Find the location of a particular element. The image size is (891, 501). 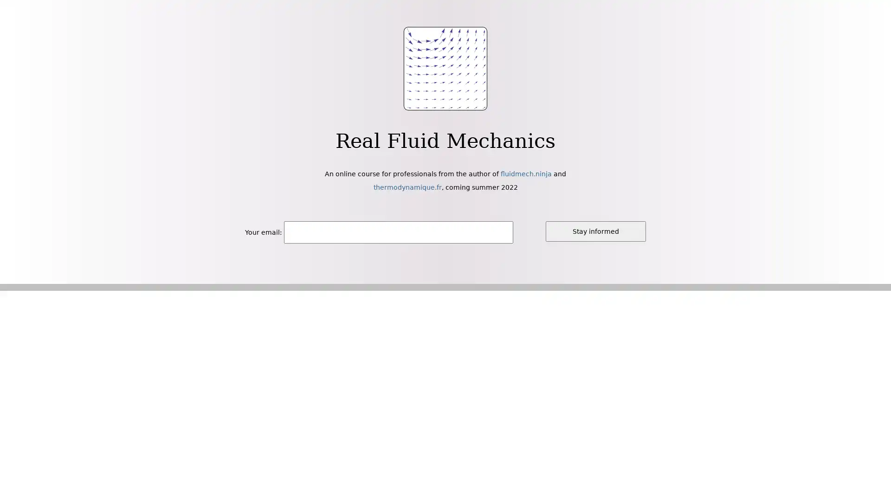

Stay informed is located at coordinates (595, 231).